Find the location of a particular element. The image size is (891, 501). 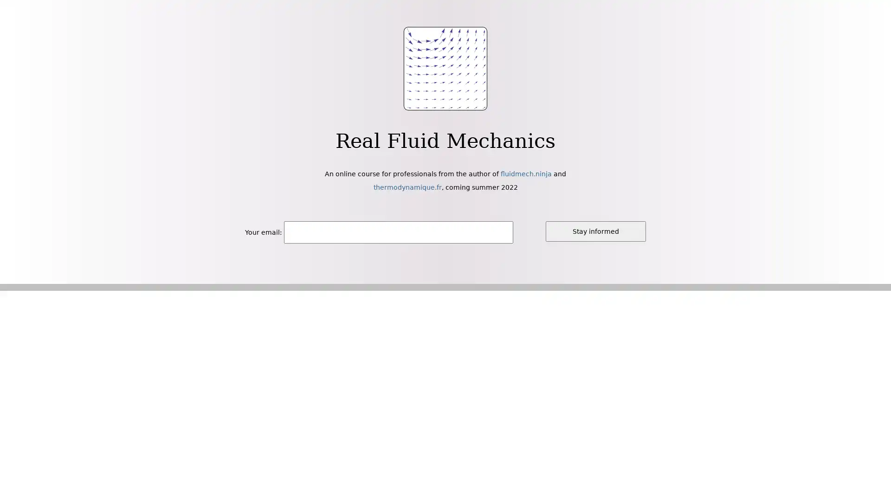

Stay informed is located at coordinates (595, 231).